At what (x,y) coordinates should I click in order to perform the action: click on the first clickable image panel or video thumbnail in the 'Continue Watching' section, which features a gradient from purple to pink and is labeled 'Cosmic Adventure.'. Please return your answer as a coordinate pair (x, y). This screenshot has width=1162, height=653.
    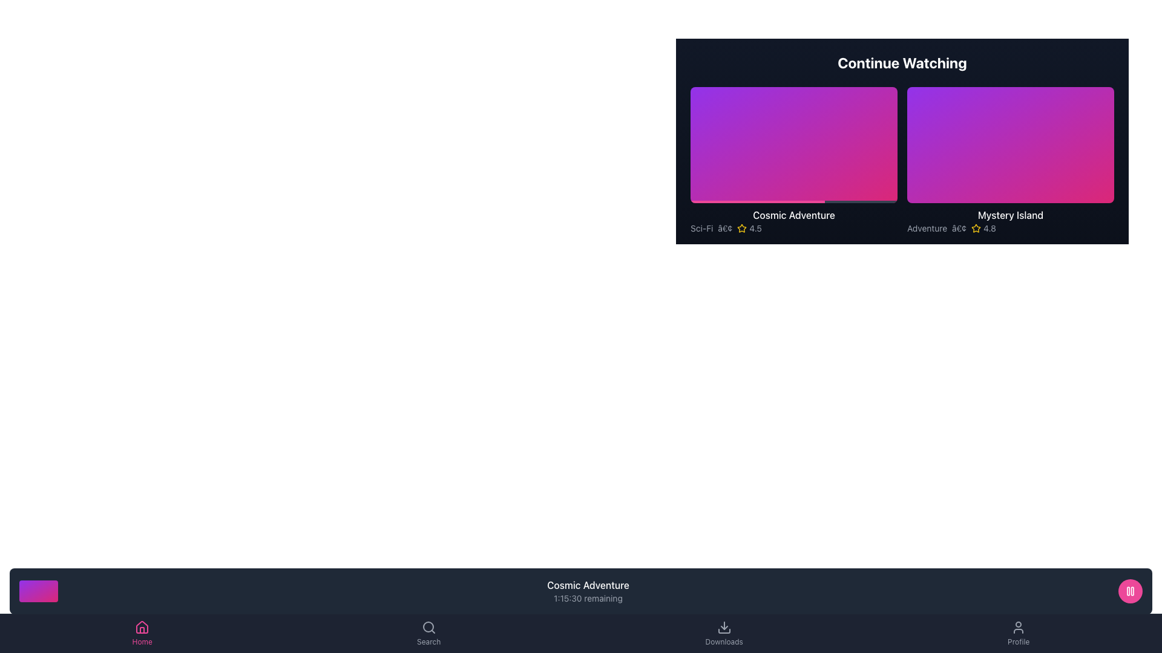
    Looking at the image, I should click on (793, 144).